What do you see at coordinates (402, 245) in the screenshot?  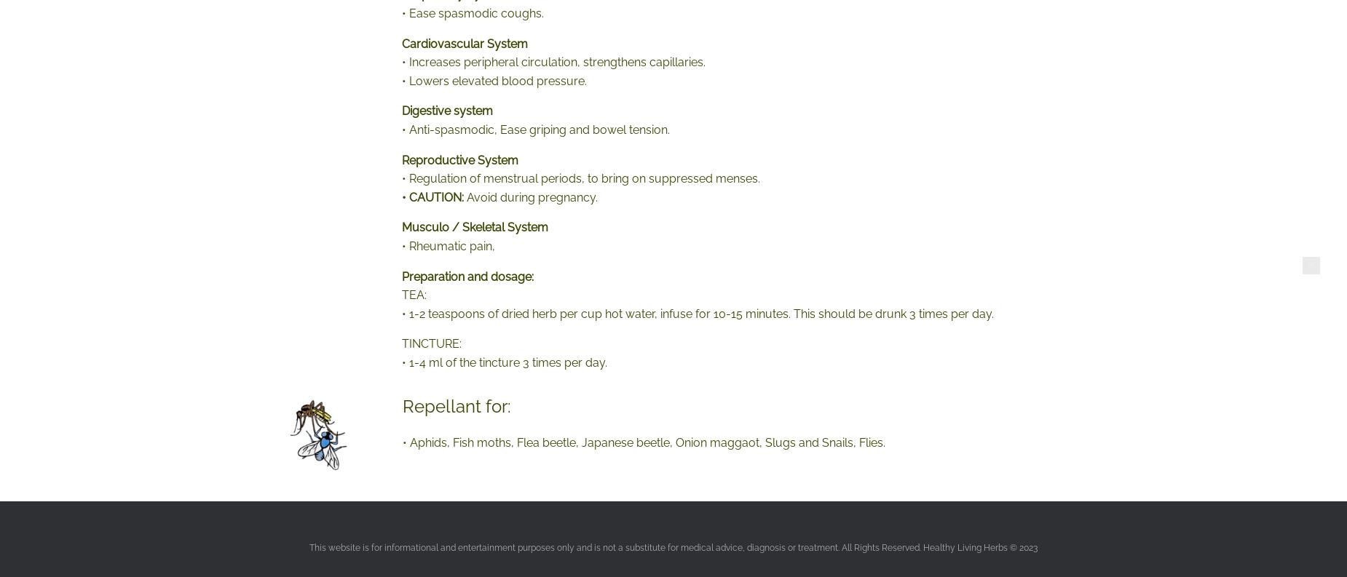 I see `'• Rheumatic pain,'` at bounding box center [402, 245].